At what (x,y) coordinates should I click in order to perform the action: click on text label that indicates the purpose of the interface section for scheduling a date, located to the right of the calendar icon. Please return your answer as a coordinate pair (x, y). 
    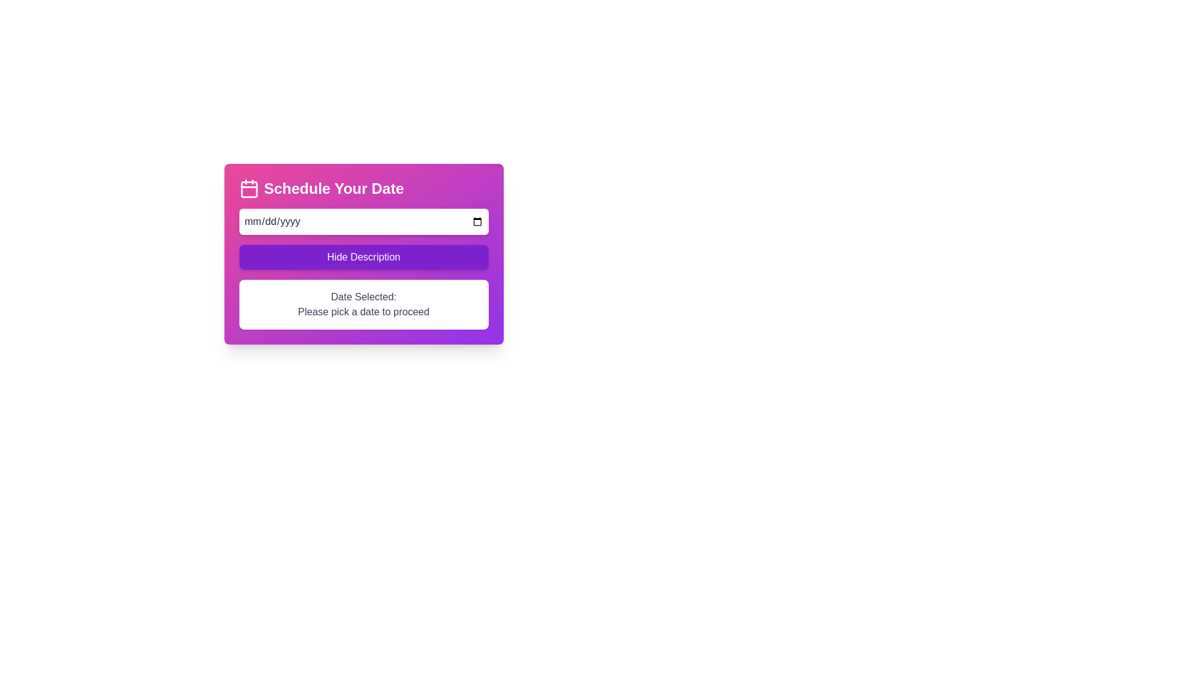
    Looking at the image, I should click on (334, 189).